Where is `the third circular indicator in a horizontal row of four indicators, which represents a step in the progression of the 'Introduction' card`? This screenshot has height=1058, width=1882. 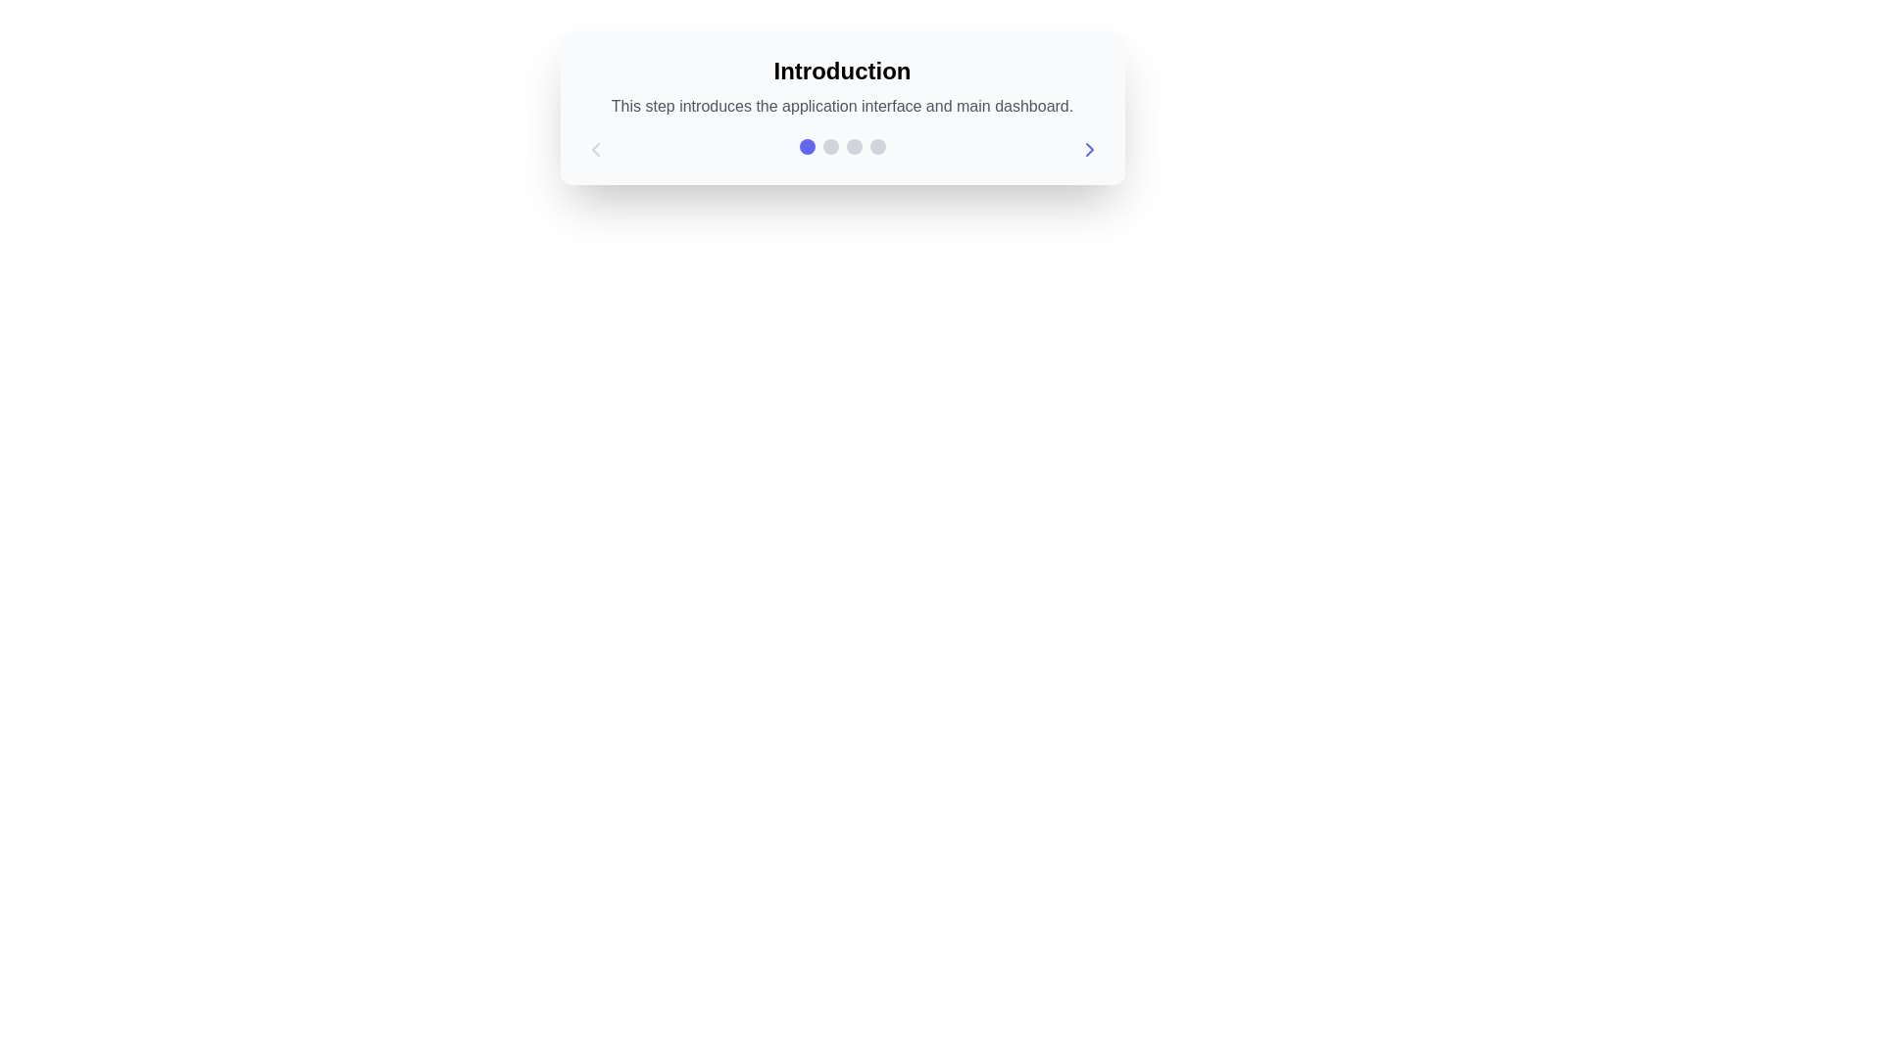 the third circular indicator in a horizontal row of four indicators, which represents a step in the progression of the 'Introduction' card is located at coordinates (854, 146).